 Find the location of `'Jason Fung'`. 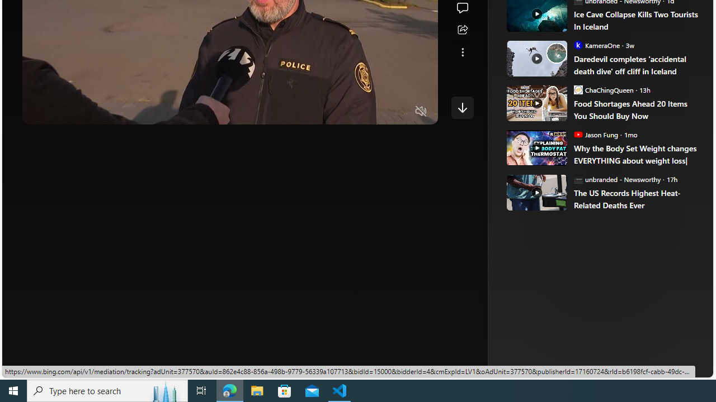

'Jason Fung' is located at coordinates (578, 133).